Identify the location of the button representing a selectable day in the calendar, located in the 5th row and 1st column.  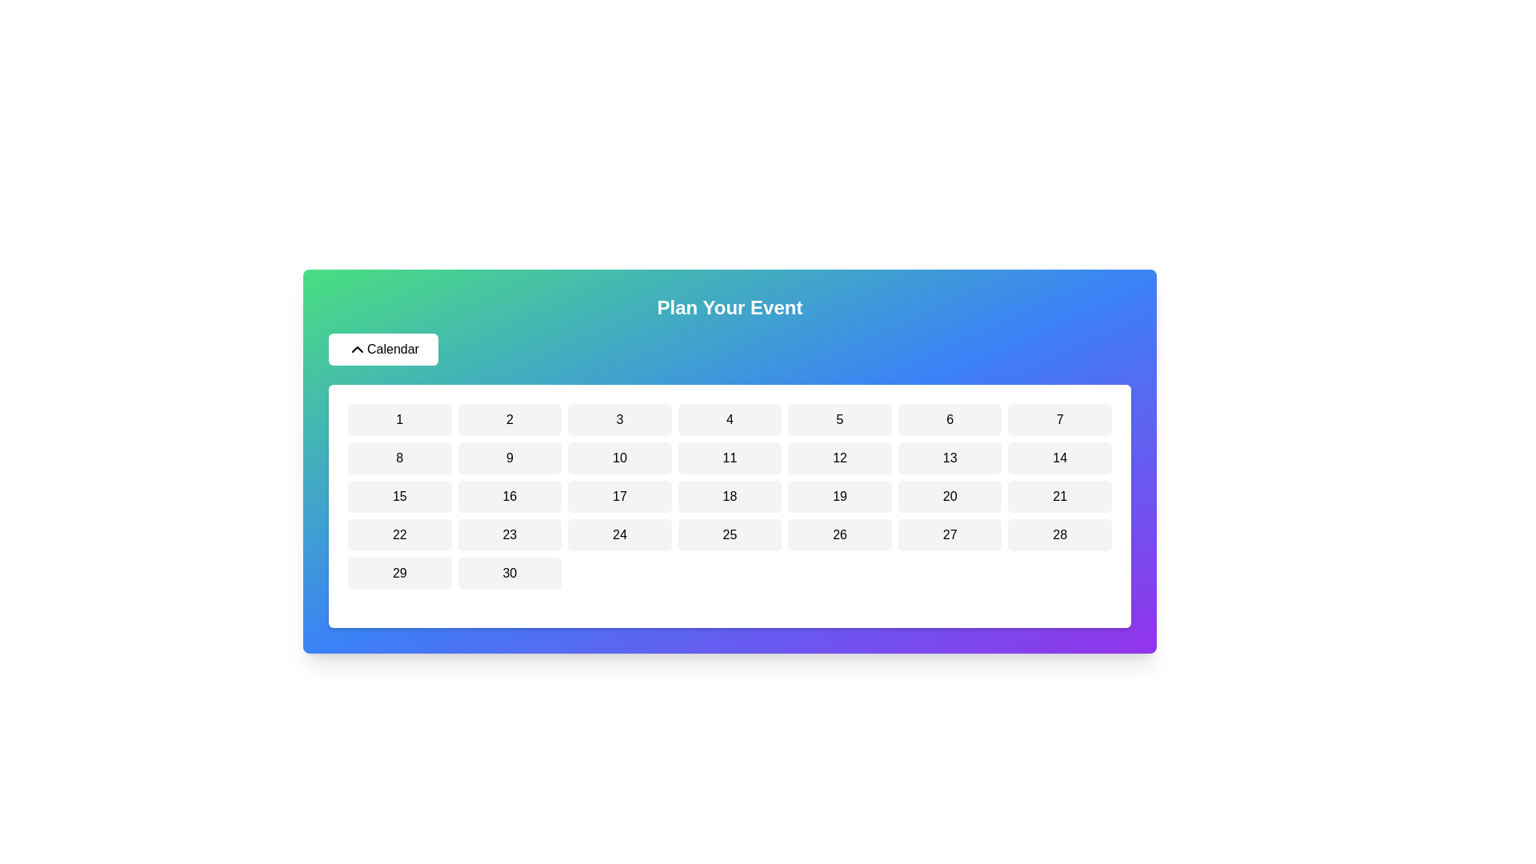
(399, 573).